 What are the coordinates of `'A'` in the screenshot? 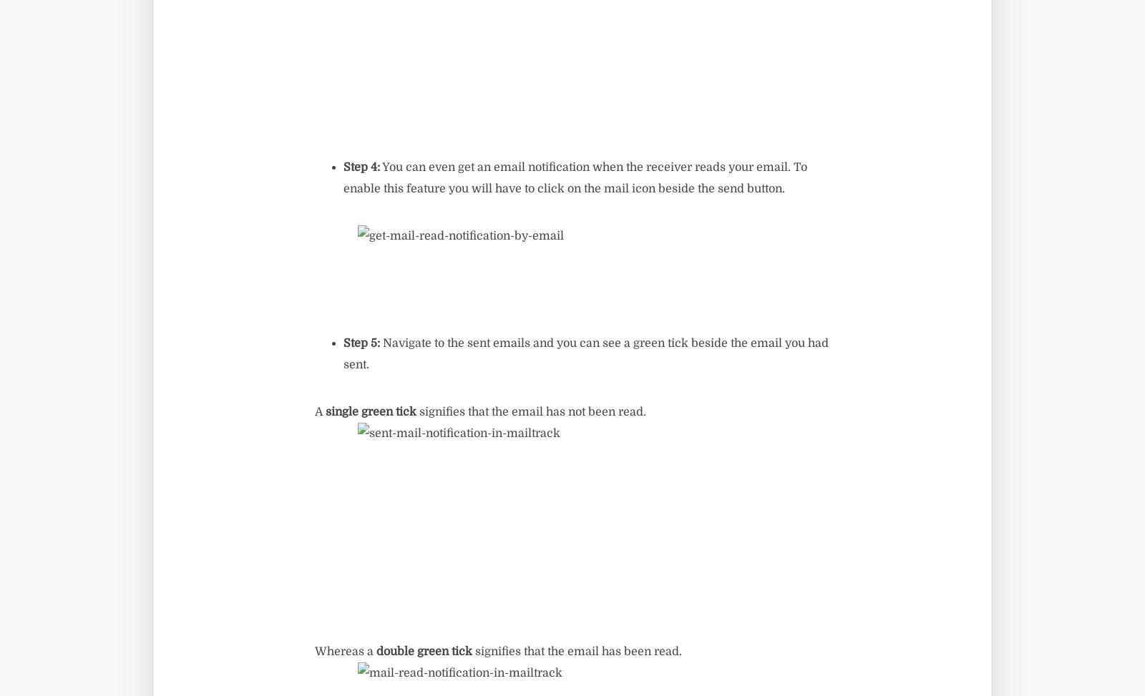 It's located at (319, 412).